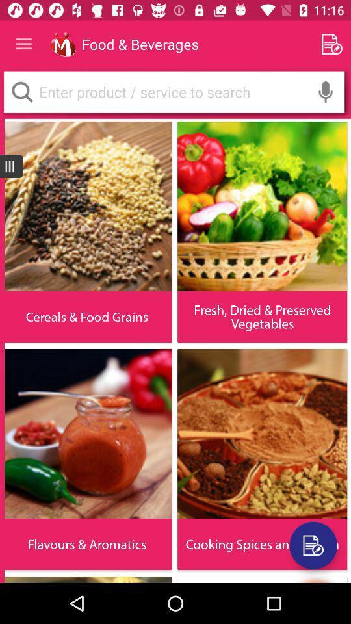 This screenshot has width=351, height=624. Describe the element at coordinates (10, 166) in the screenshot. I see `the pause icon` at that location.